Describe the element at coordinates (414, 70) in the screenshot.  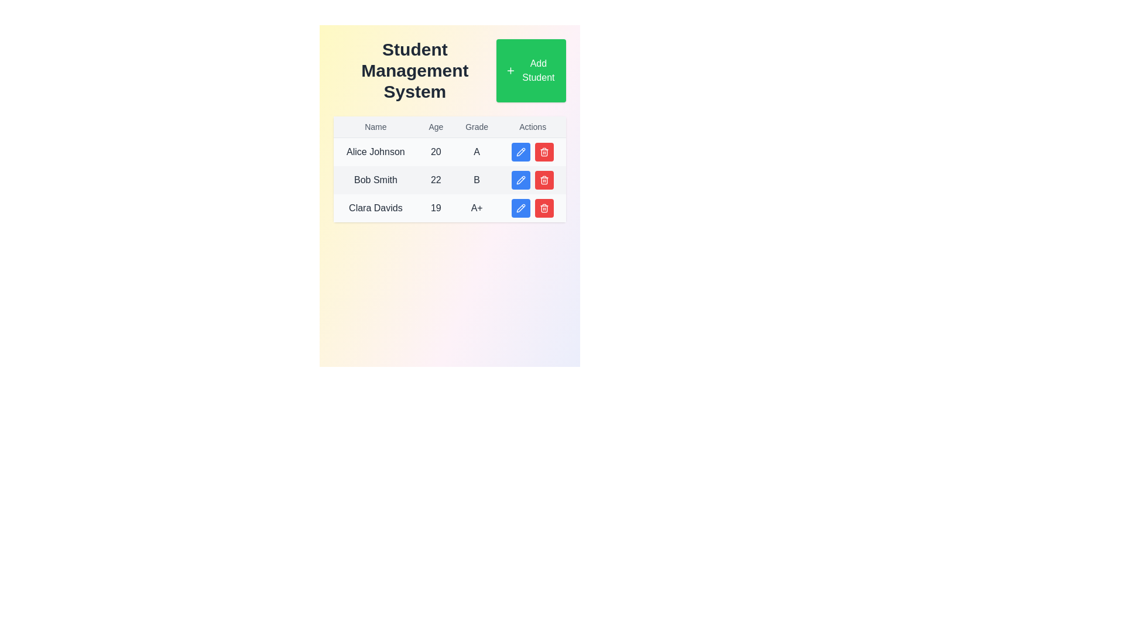
I see `the heading 'Student Management System' styled in large, bold font` at that location.